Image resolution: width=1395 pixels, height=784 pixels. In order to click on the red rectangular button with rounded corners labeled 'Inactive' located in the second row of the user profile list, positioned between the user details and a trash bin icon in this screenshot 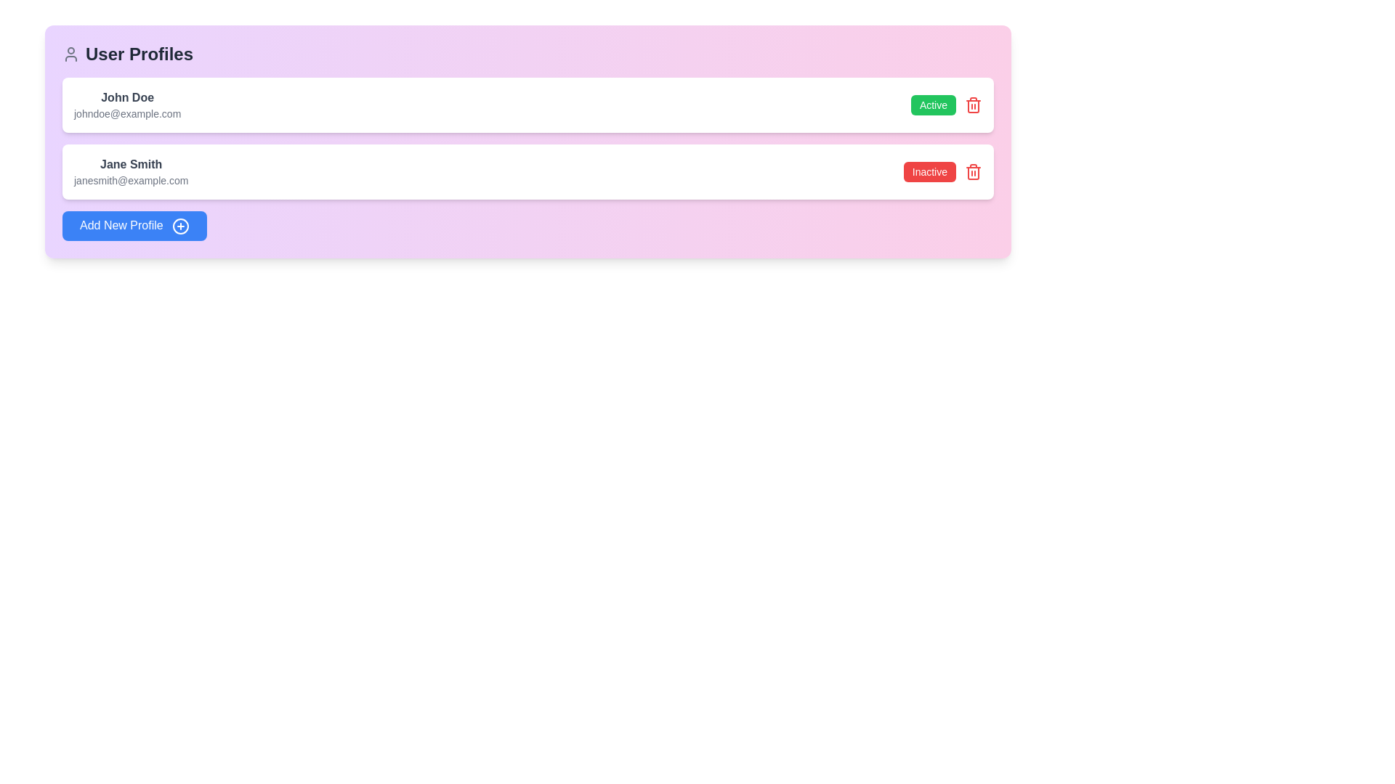, I will do `click(929, 171)`.